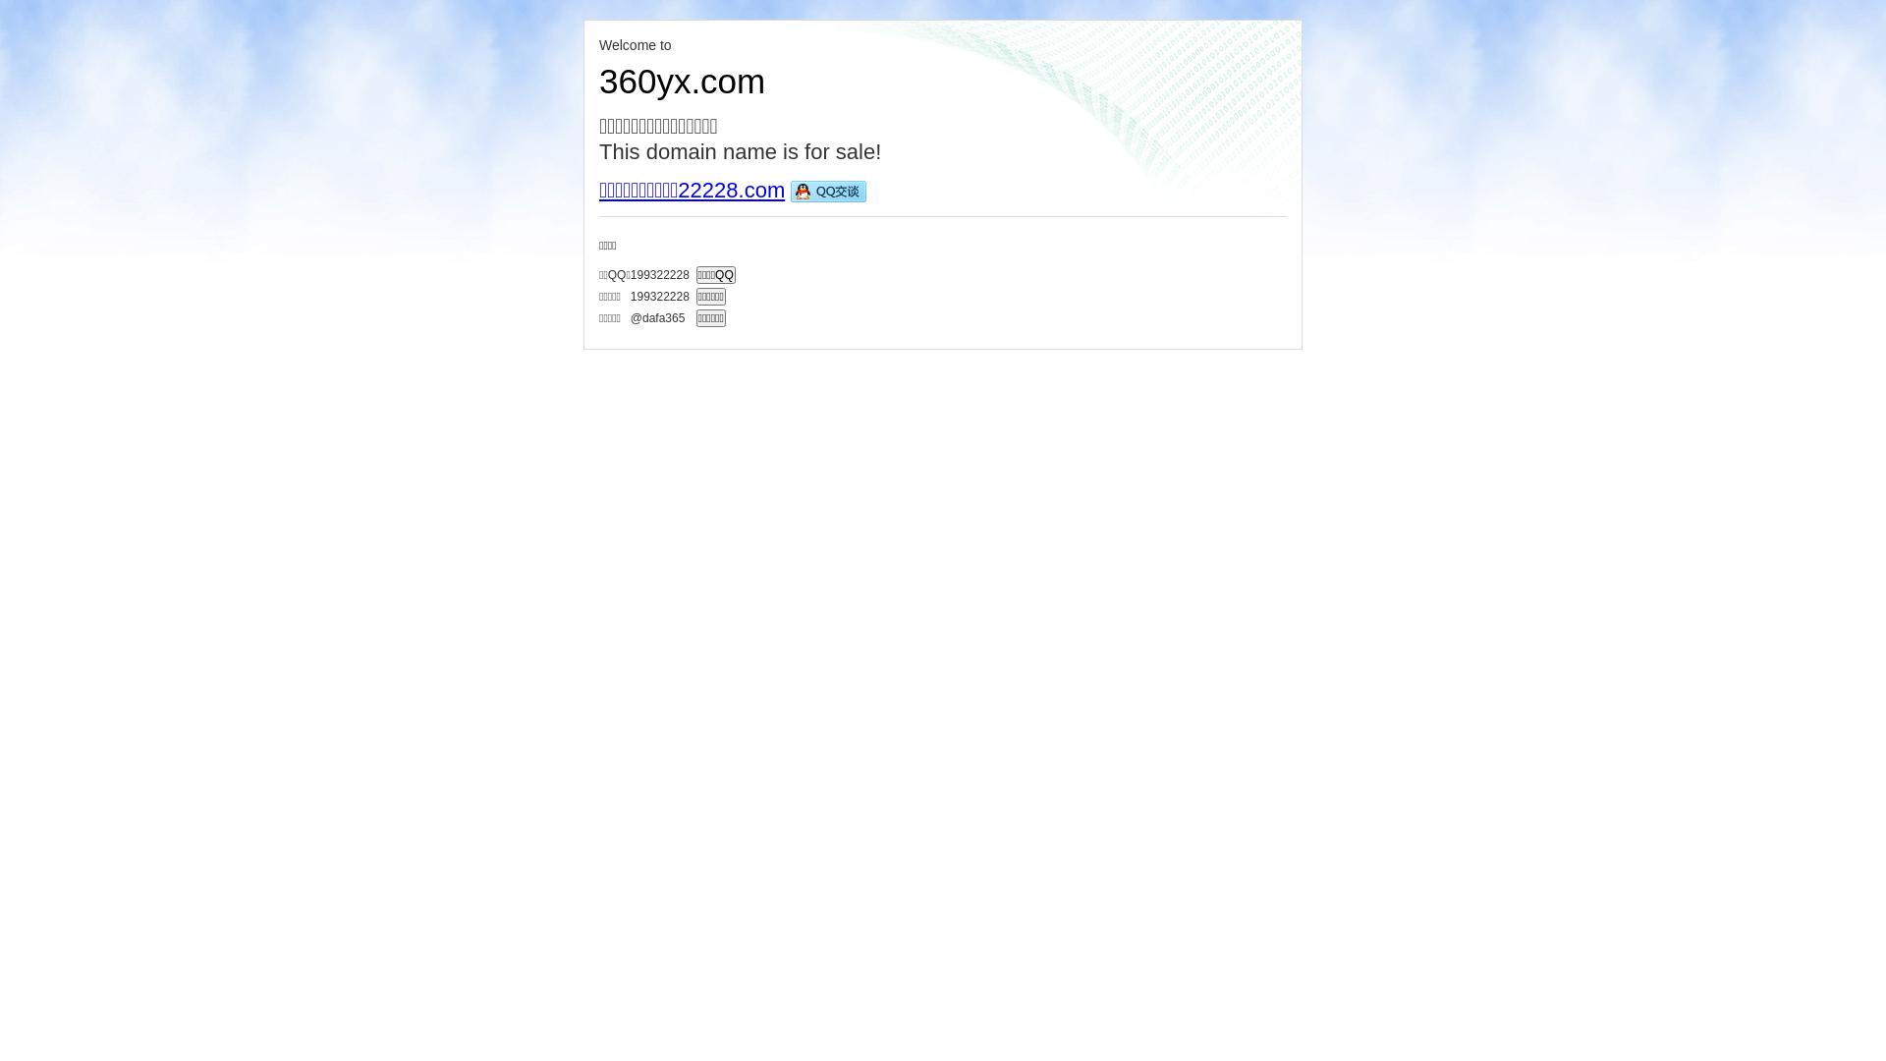 The height and width of the screenshot is (1061, 1886). I want to click on '@dafa365', so click(631, 316).